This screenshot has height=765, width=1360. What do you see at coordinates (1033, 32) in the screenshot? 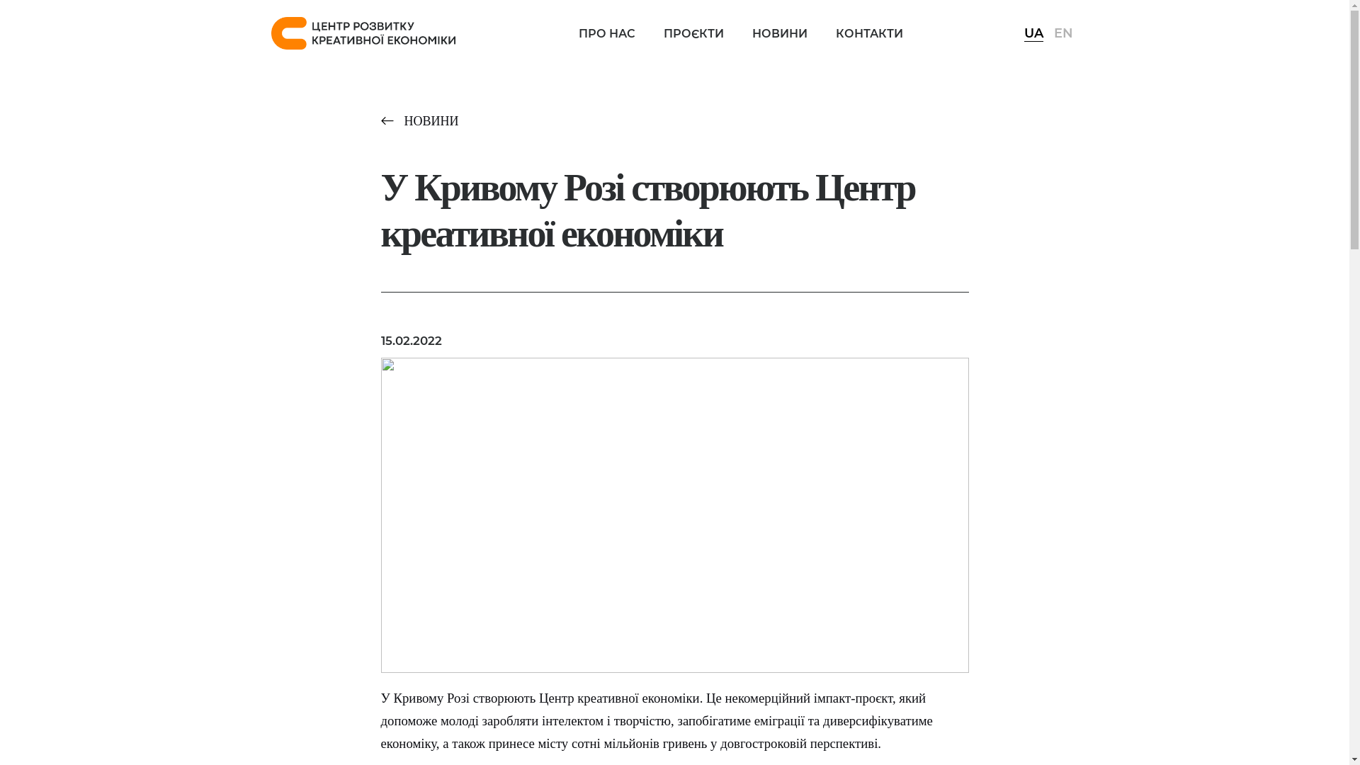
I see `'UA'` at bounding box center [1033, 32].